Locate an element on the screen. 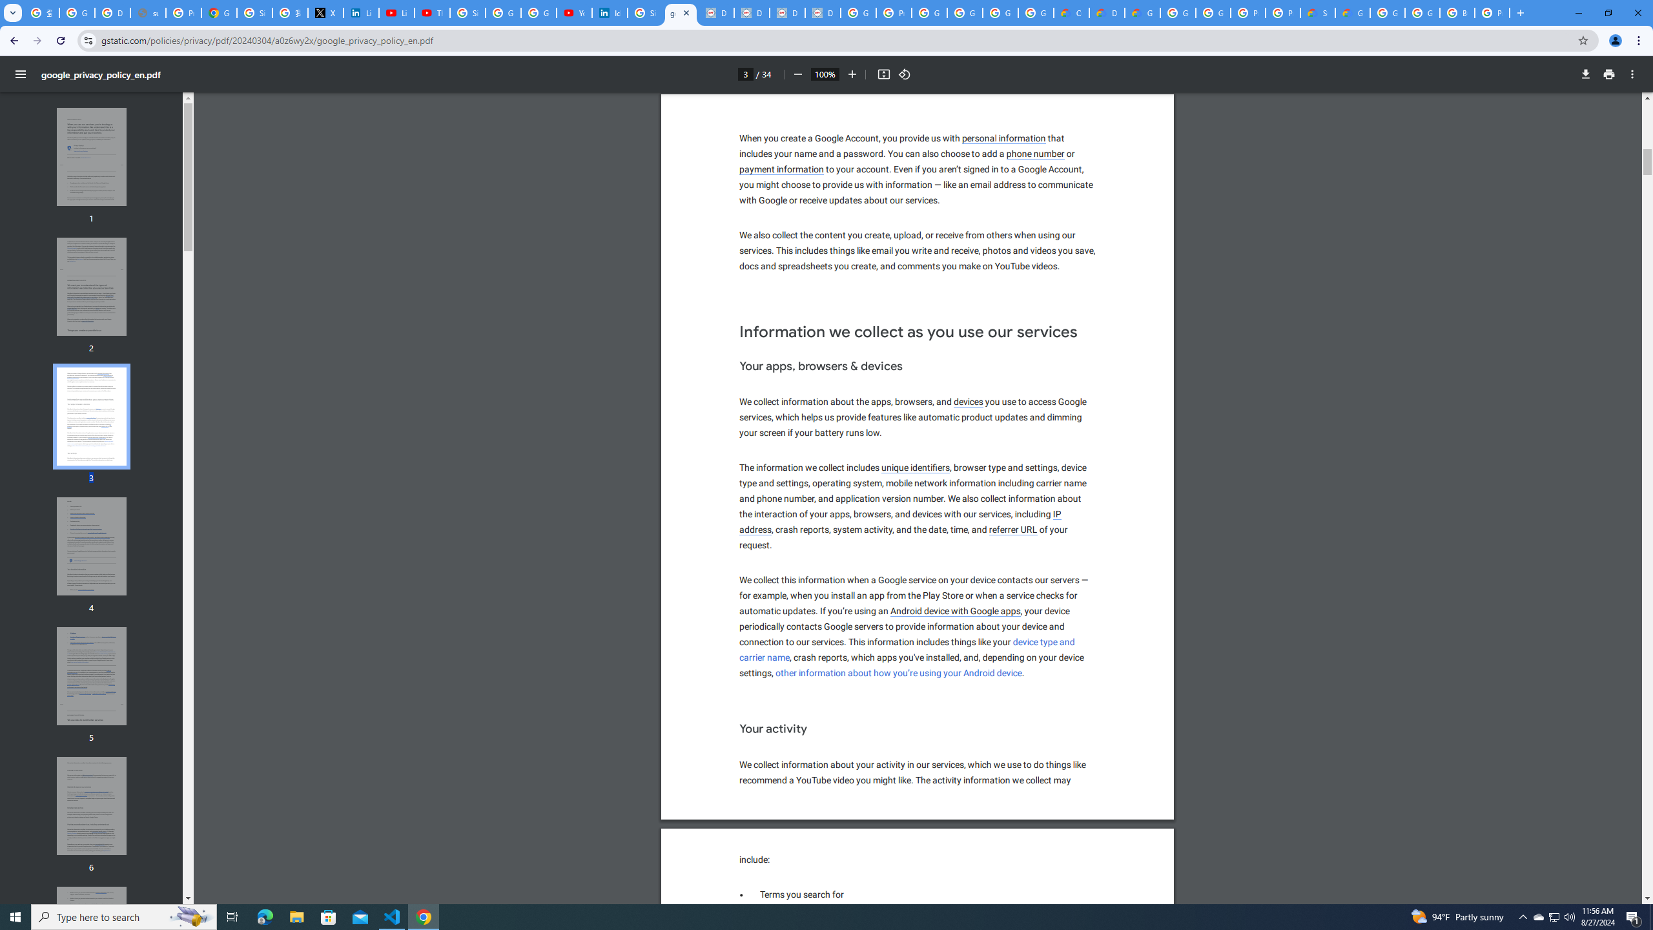 The width and height of the screenshot is (1653, 930). 'unique identifiers' is located at coordinates (916, 468).